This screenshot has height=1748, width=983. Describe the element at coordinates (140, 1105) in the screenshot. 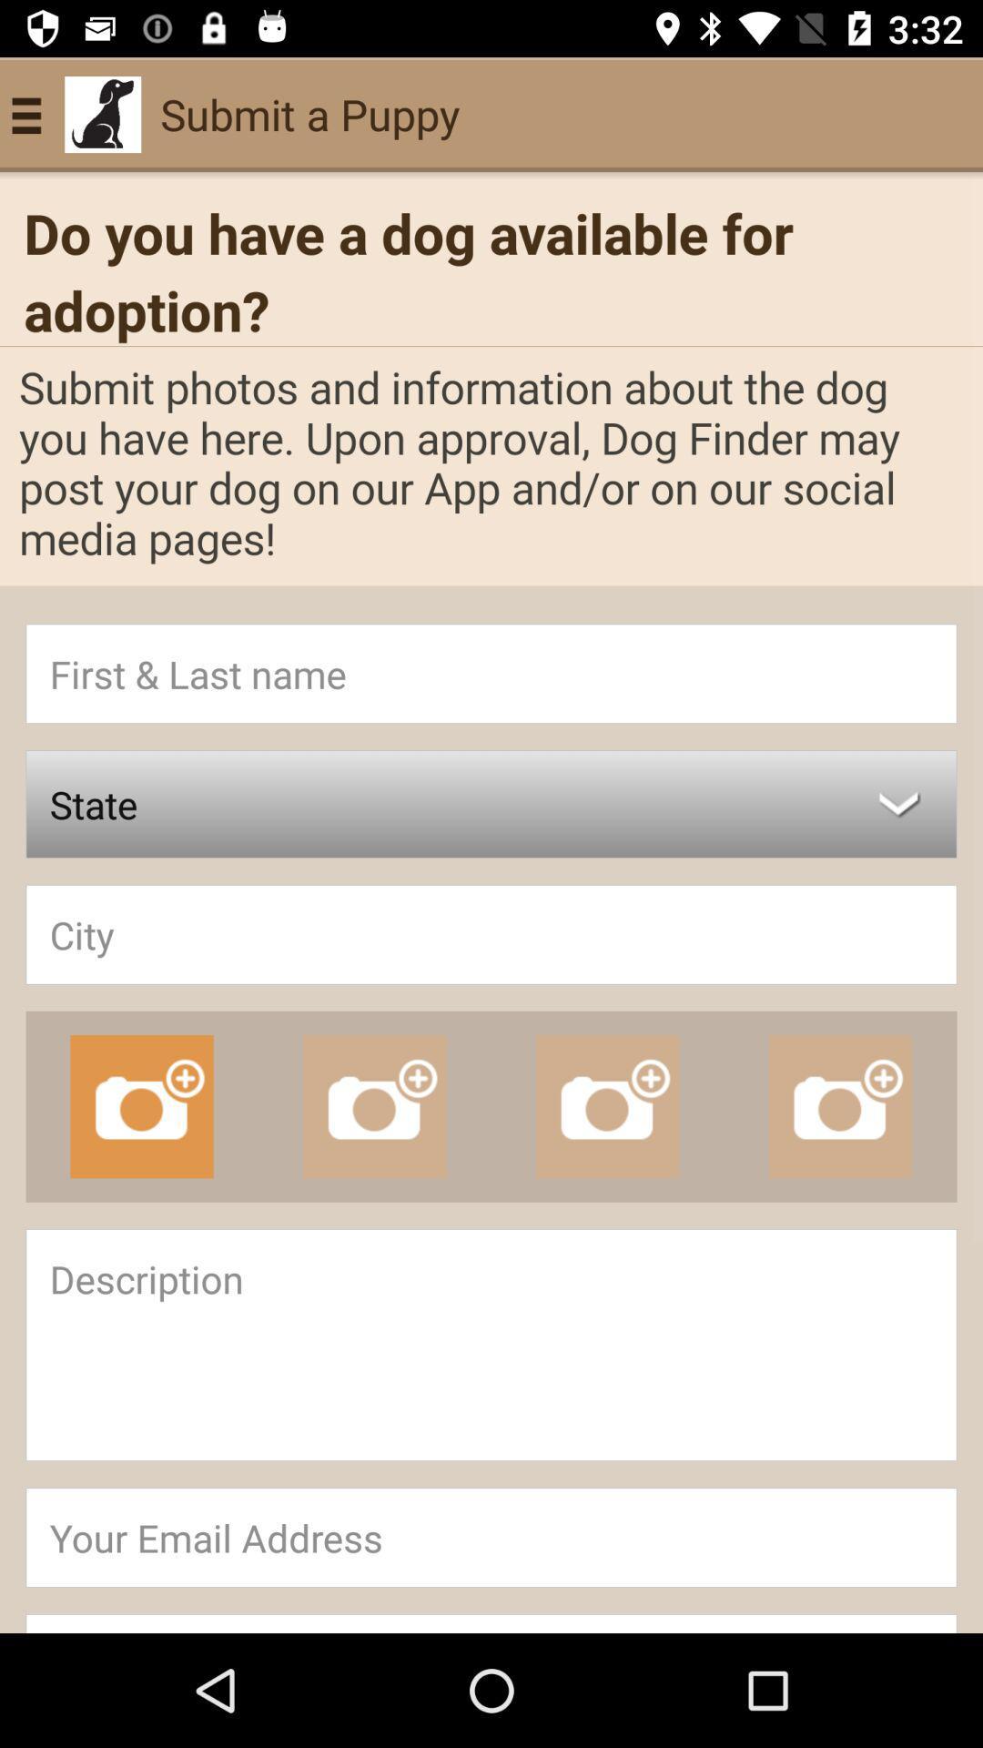

I see `the photo icon` at that location.